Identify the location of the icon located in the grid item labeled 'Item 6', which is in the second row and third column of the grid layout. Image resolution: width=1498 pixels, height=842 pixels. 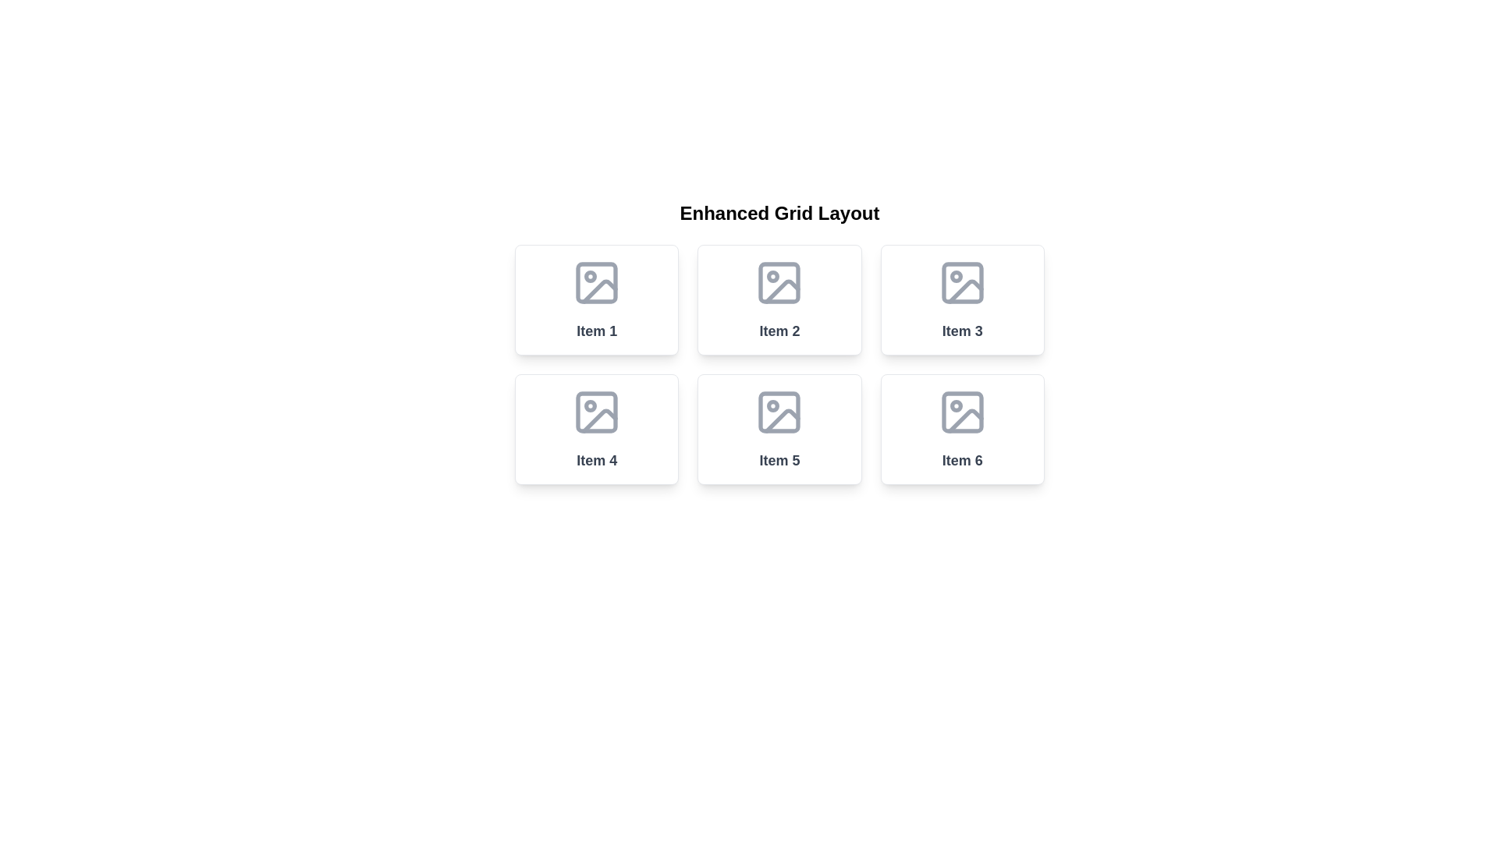
(961, 411).